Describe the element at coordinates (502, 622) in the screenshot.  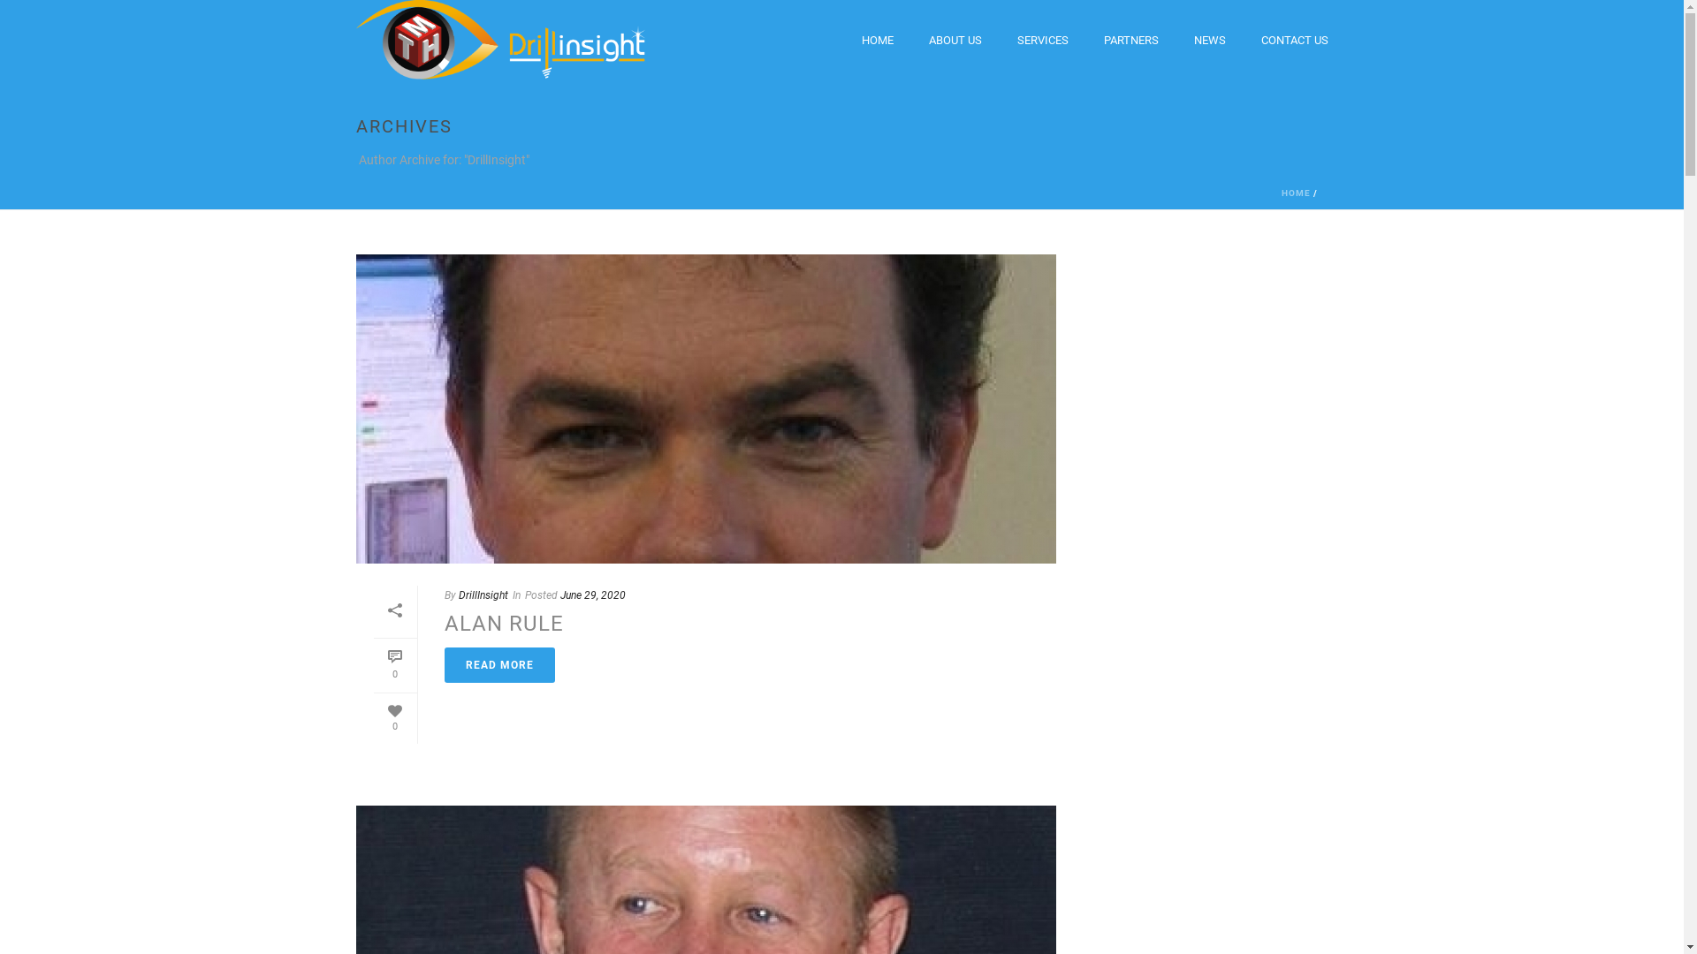
I see `'ALAN RULE'` at that location.